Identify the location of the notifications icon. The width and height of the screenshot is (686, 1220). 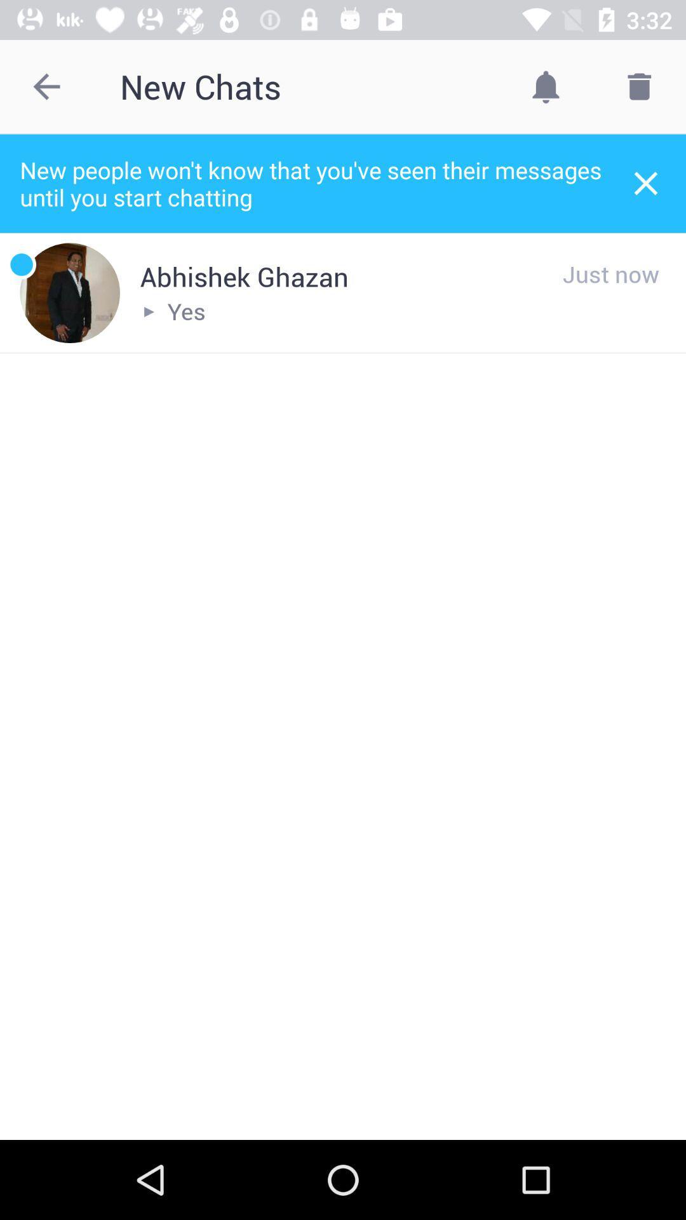
(545, 86).